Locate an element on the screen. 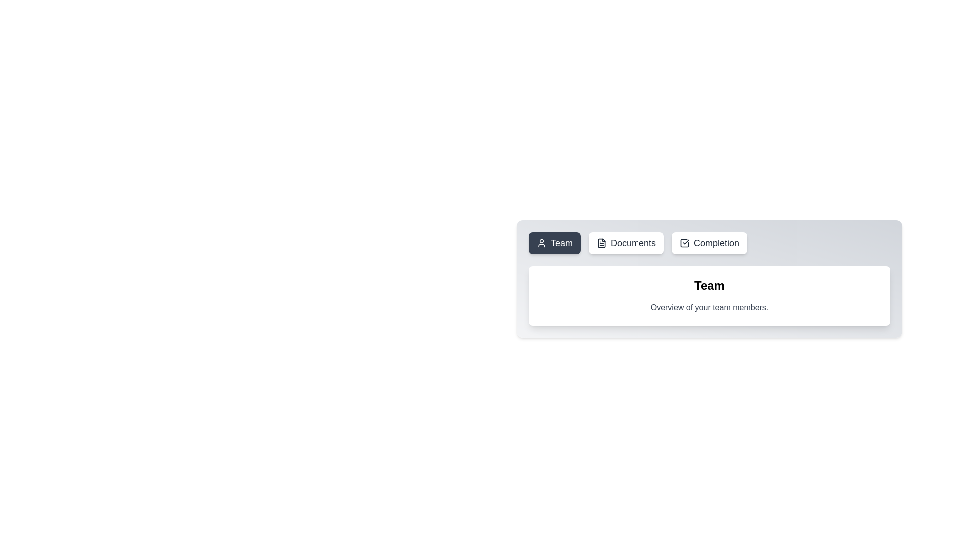 The height and width of the screenshot is (538, 957). the 'Completion' button, which is a rounded rectangle with a white background and gray text, located between the 'Documents' button and the fourth button is located at coordinates (709, 243).